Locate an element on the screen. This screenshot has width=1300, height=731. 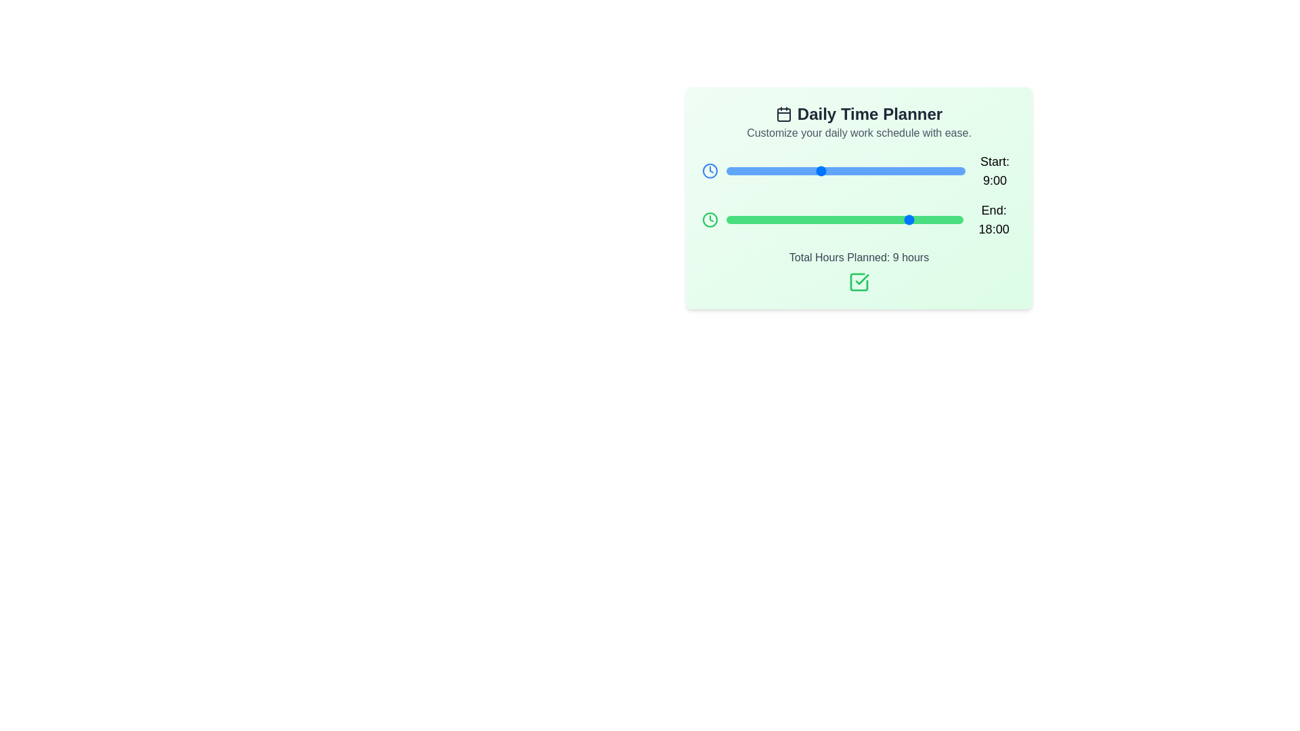
the textual description under the header to focus on it is located at coordinates (858, 133).